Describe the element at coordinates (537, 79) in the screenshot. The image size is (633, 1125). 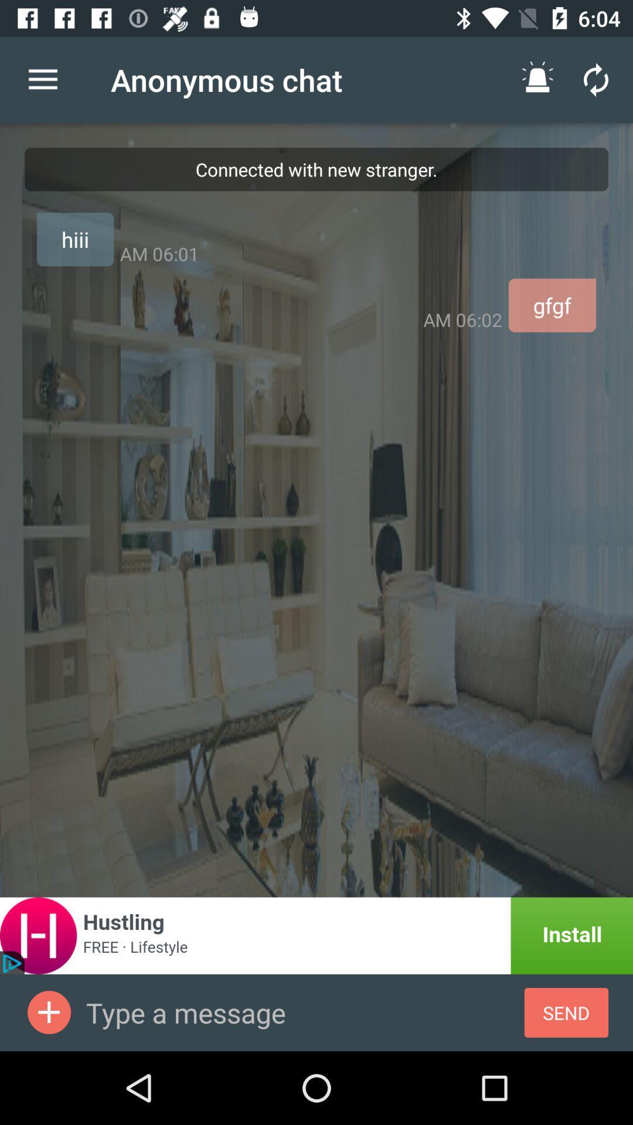
I see `the which is left to the refresh icon` at that location.